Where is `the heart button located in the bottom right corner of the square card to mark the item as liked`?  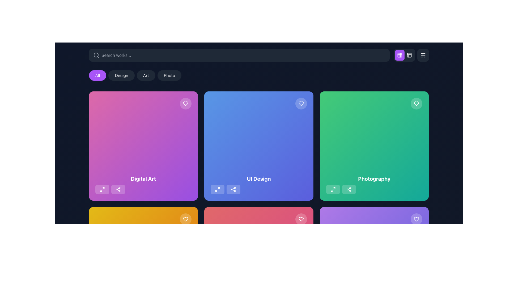 the heart button located in the bottom right corner of the square card to mark the item as liked is located at coordinates (416, 219).